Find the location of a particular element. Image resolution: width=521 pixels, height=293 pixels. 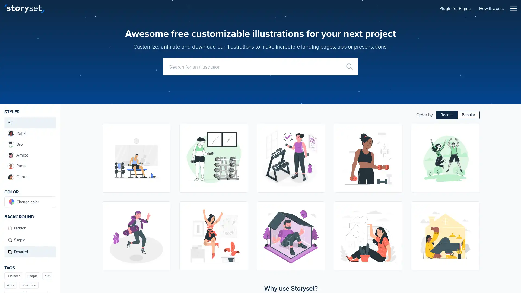

Simple is located at coordinates (30, 239).